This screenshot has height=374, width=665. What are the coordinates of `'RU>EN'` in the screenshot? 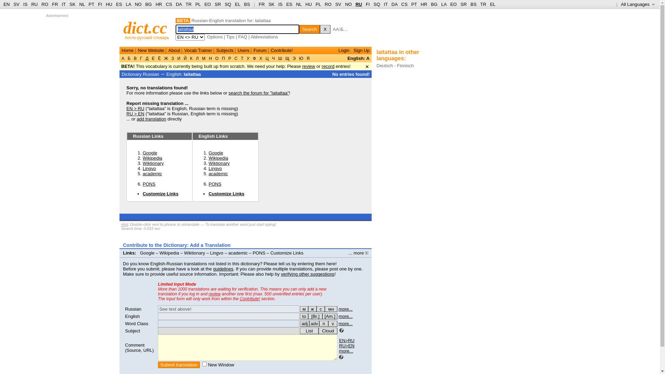 It's located at (347, 346).